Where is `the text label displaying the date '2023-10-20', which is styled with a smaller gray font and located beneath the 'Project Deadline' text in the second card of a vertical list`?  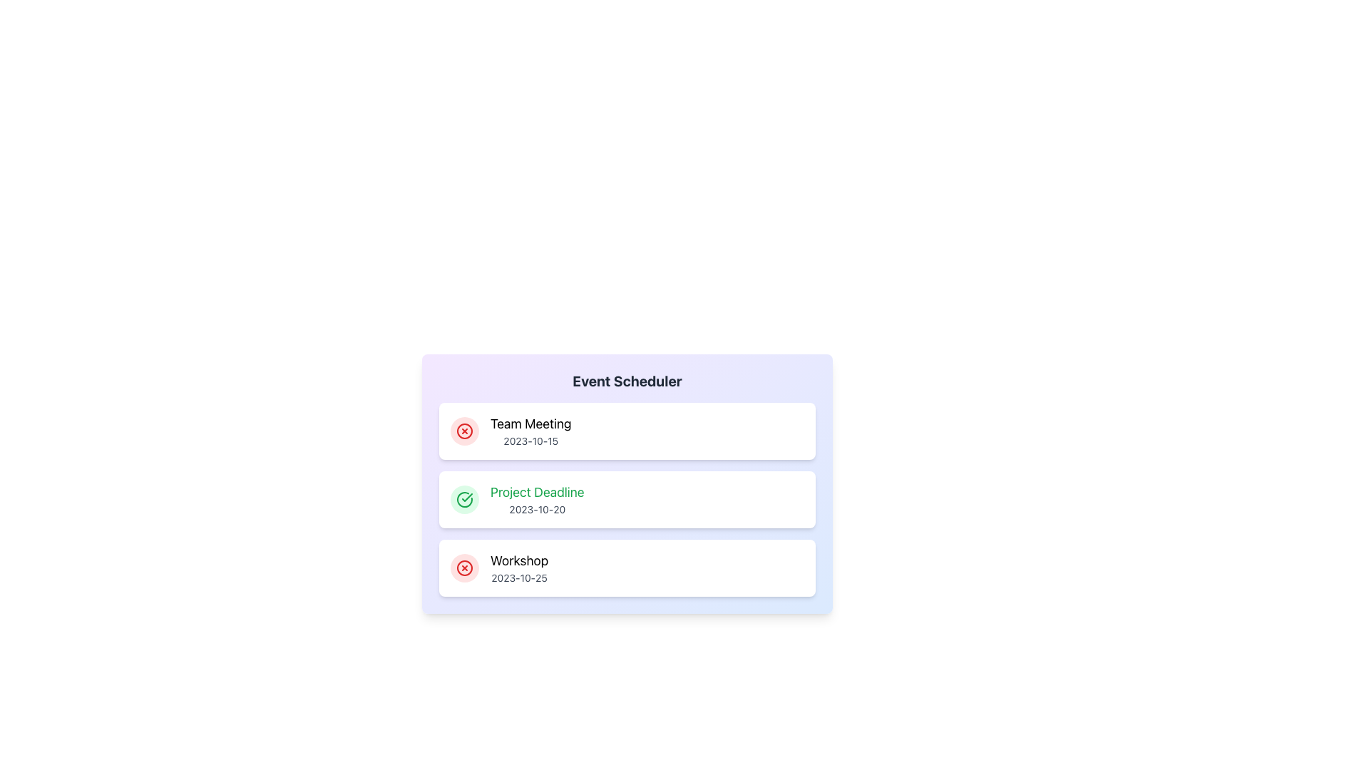 the text label displaying the date '2023-10-20', which is styled with a smaller gray font and located beneath the 'Project Deadline' text in the second card of a vertical list is located at coordinates (536, 508).